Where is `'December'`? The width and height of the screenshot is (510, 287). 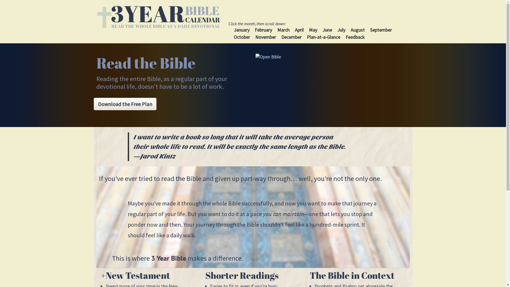
'December' is located at coordinates (291, 37).